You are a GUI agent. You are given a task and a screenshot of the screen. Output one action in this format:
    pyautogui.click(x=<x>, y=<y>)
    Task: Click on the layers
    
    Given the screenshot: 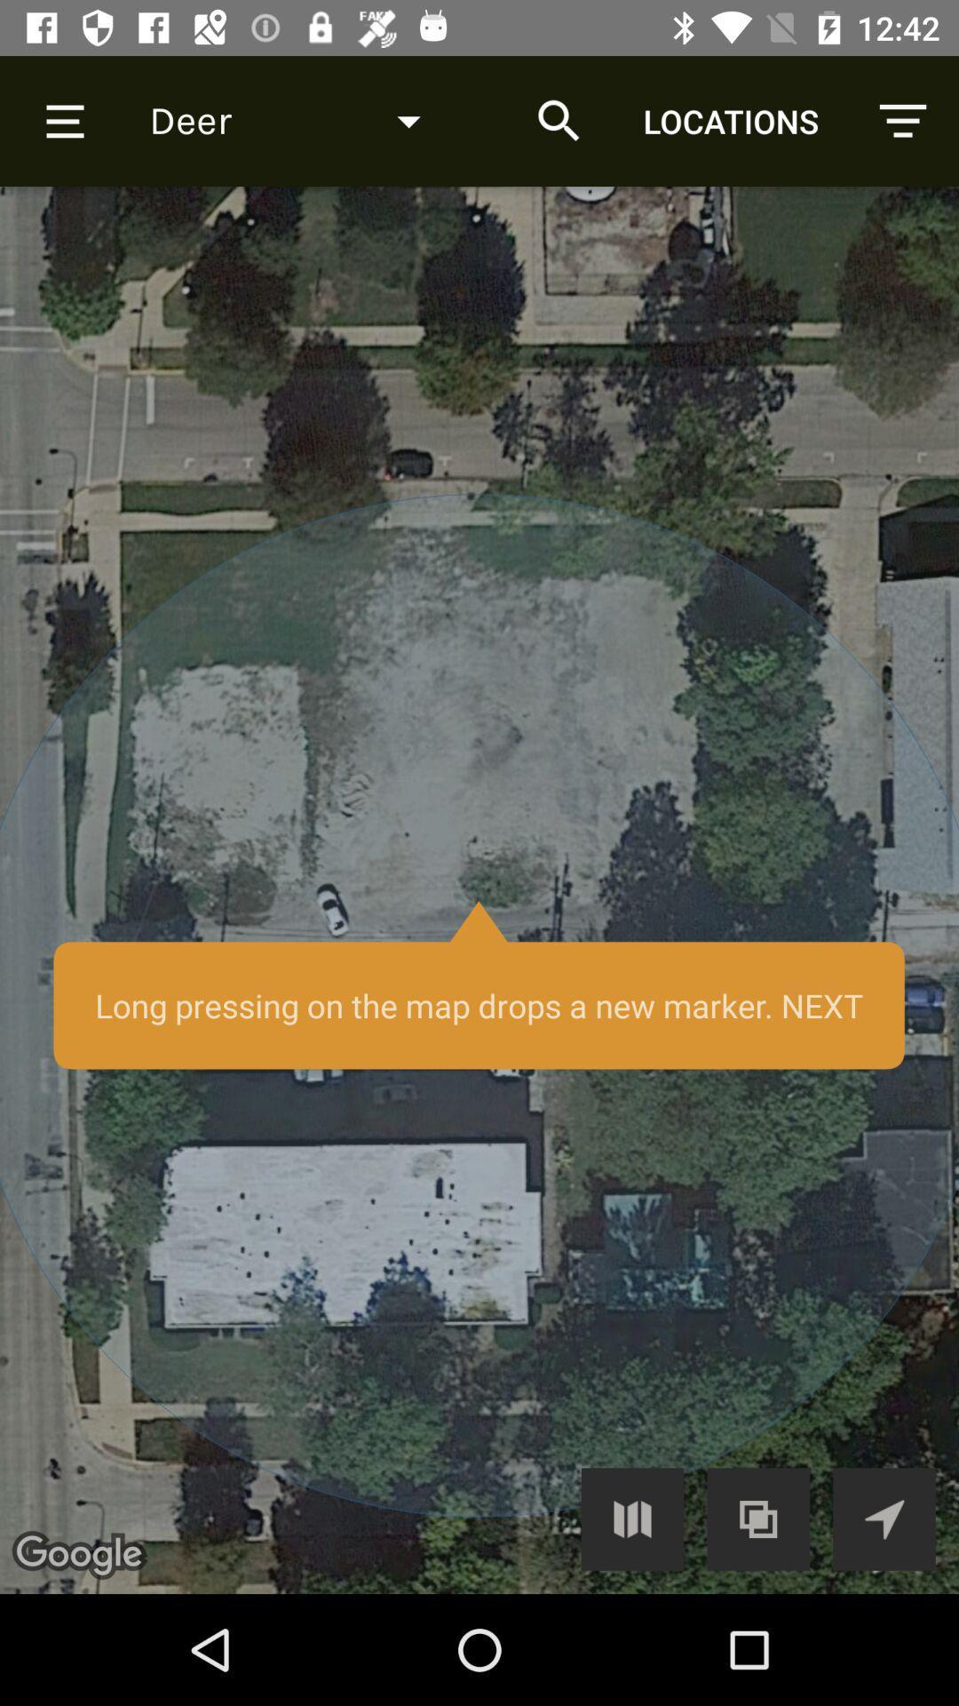 What is the action you would take?
    pyautogui.click(x=758, y=1518)
    